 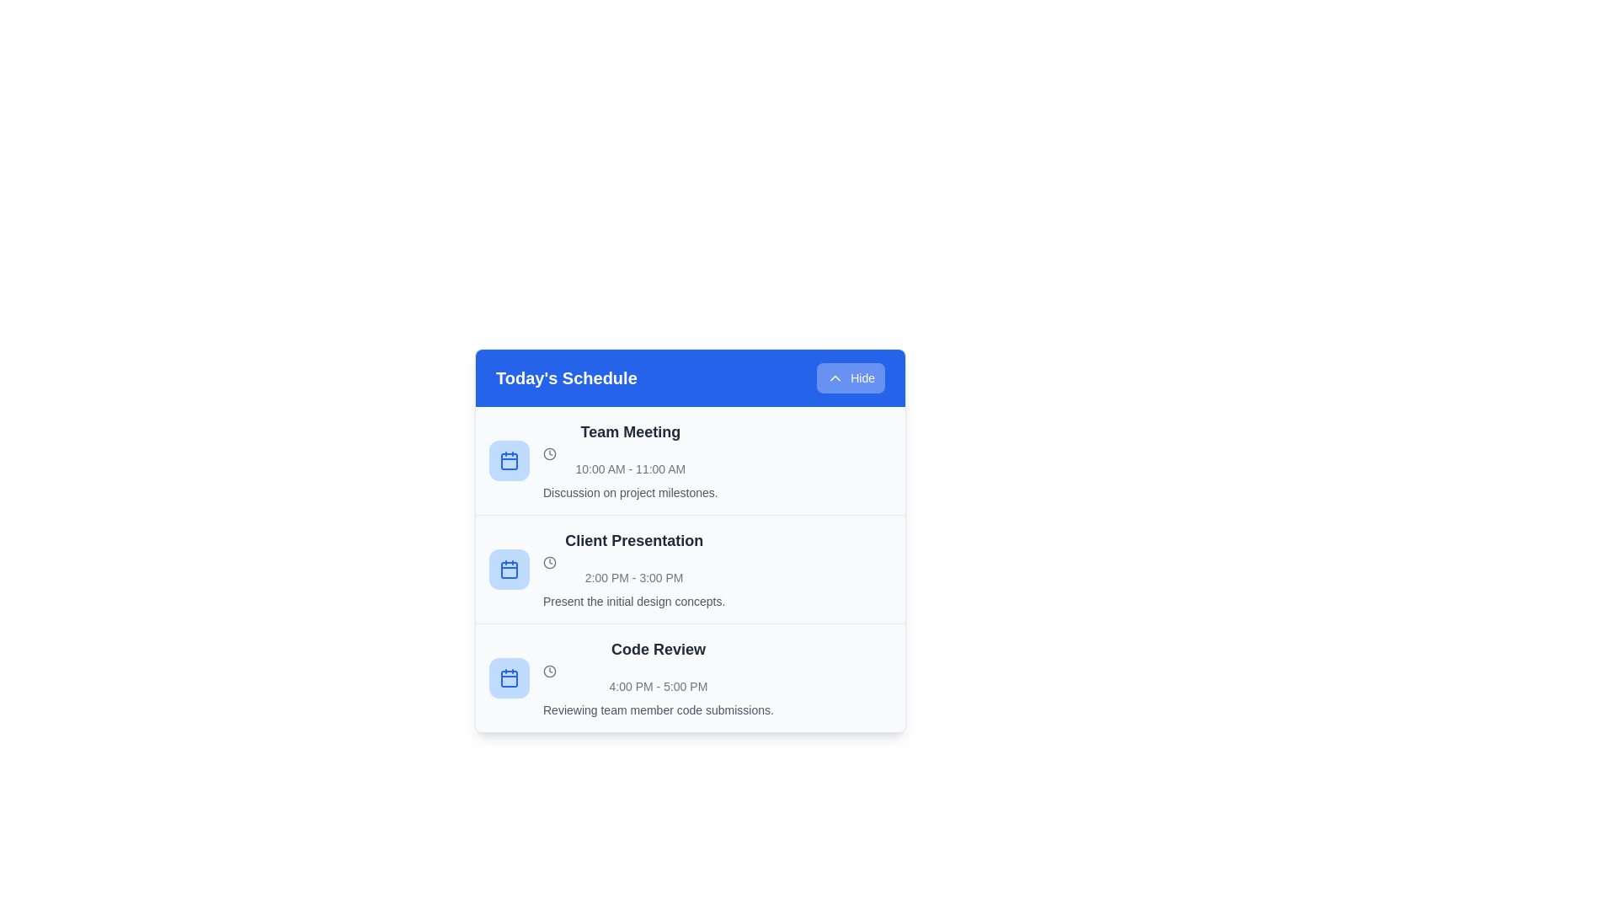 What do you see at coordinates (629, 493) in the screenshot?
I see `the static text element displaying 'Discussion on project milestones.' which is positioned below the '10:00 AM - 11:00 AM' text in the 'Today's Schedule' panel` at bounding box center [629, 493].